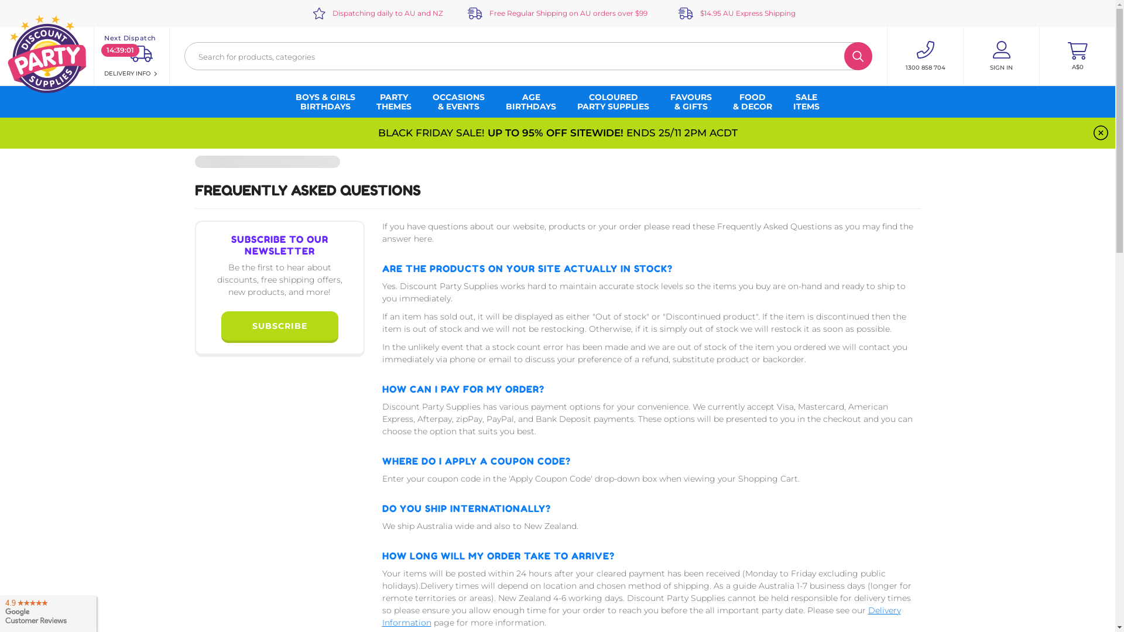 Image resolution: width=1124 pixels, height=632 pixels. Describe the element at coordinates (806, 101) in the screenshot. I see `'SALE` at that location.